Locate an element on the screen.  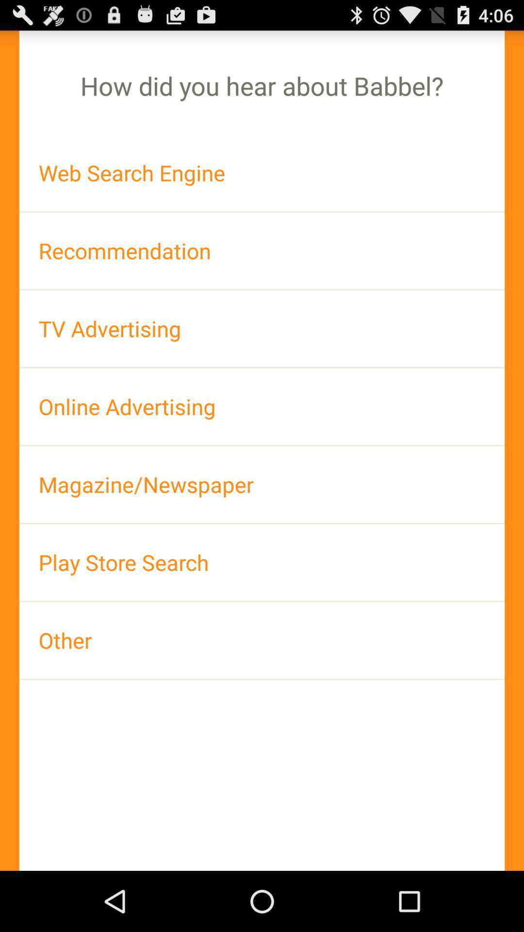
online advertising item is located at coordinates (262, 406).